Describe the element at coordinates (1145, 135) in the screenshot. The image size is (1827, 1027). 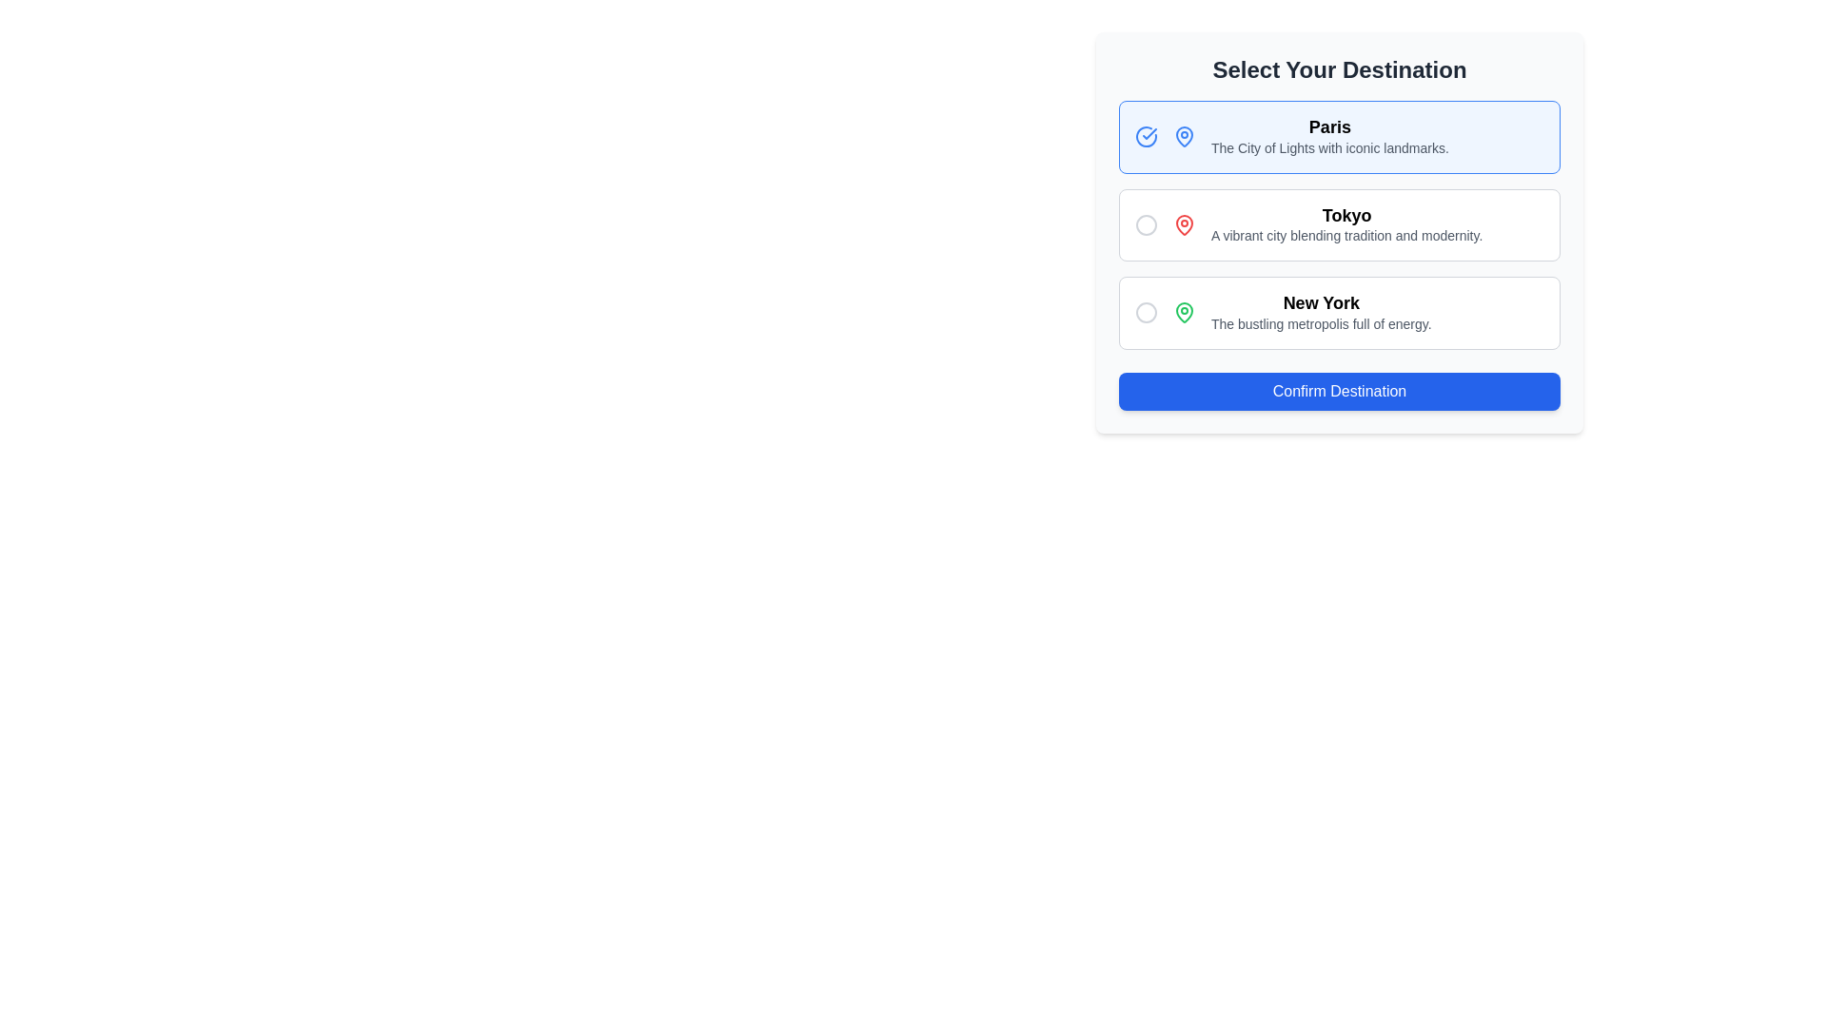
I see `the selection indicator icon` at that location.